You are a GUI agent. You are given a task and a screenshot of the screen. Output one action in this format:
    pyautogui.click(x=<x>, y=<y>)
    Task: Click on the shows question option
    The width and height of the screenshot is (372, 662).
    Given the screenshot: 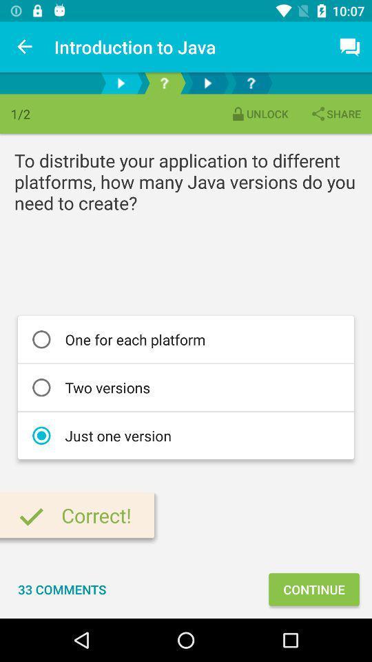 What is the action you would take?
    pyautogui.click(x=164, y=83)
    